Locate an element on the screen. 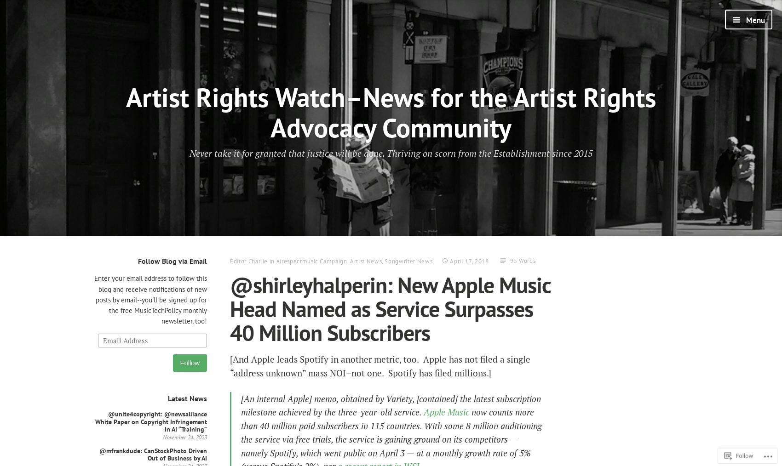  'Enter your email address to follow this blog and receive notifications of new posts by email--you'll be signed up for the free MusicTechPolicy monthly newsletter, too!' is located at coordinates (150, 300).